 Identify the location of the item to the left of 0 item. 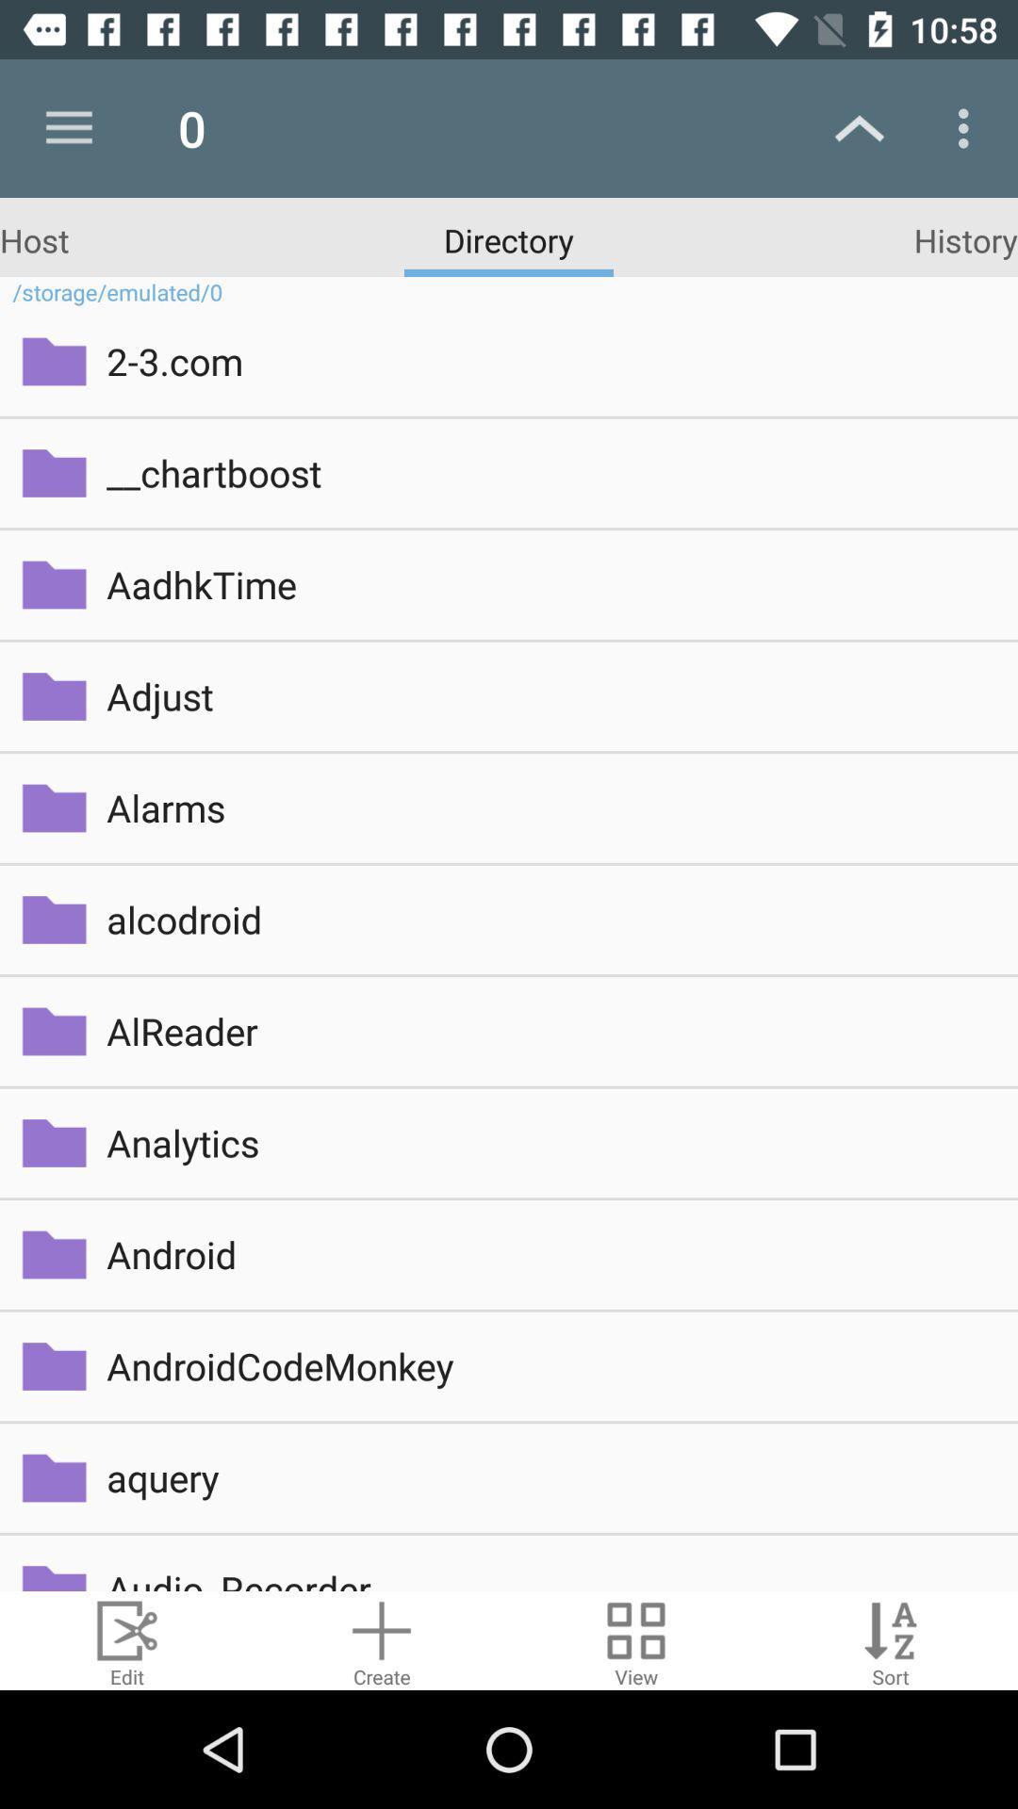
(68, 127).